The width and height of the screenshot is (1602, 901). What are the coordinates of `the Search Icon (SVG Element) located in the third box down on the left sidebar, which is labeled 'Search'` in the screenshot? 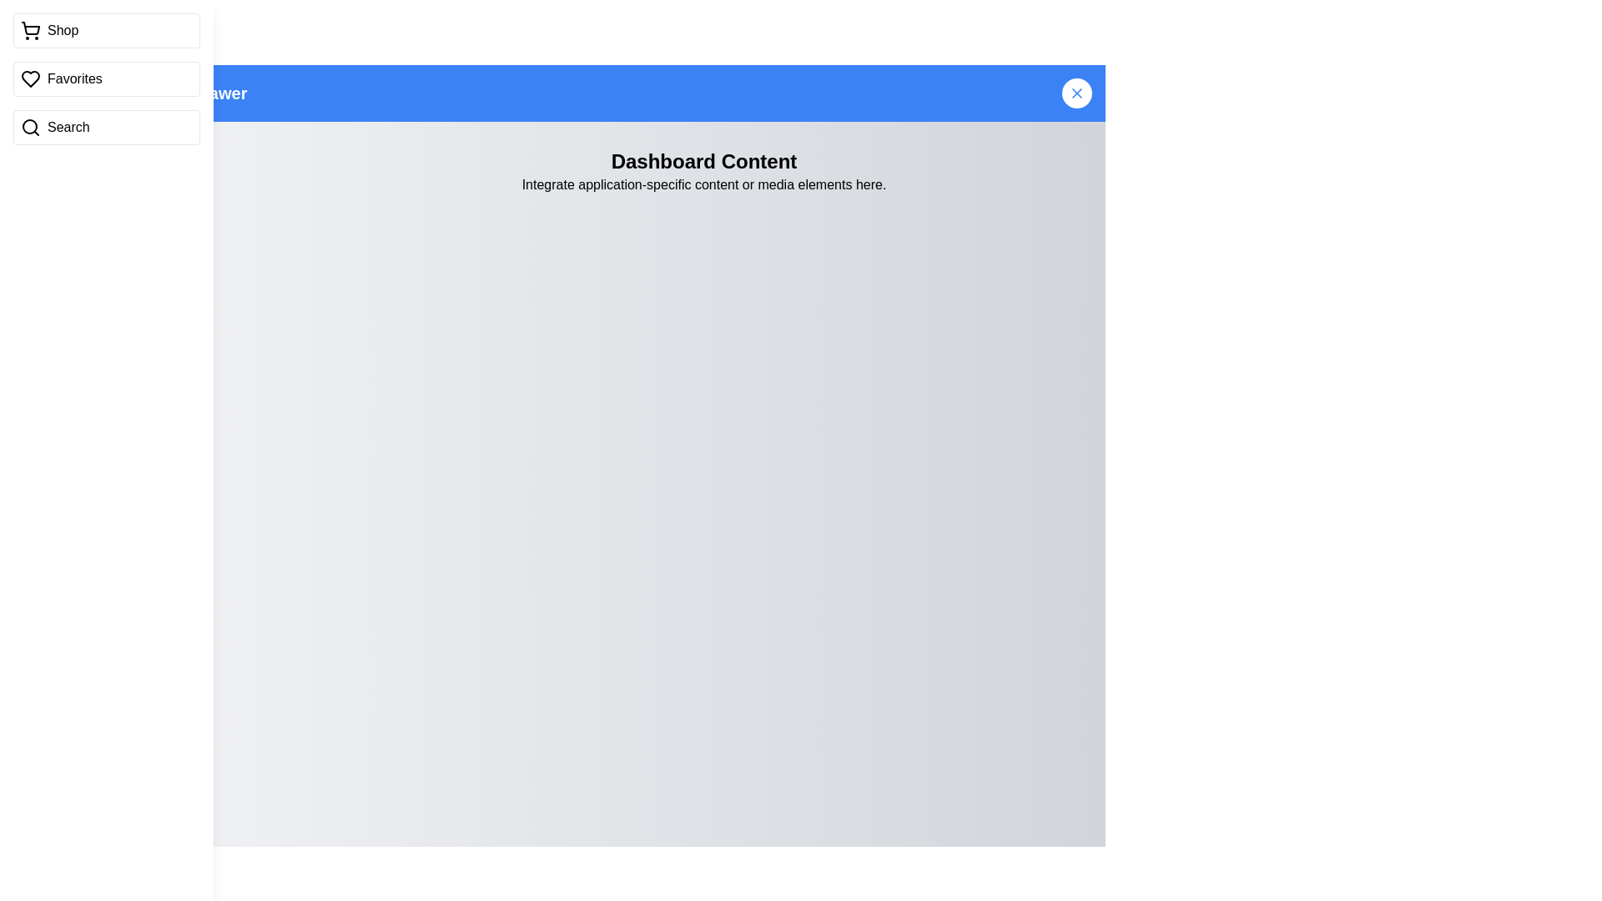 It's located at (31, 127).